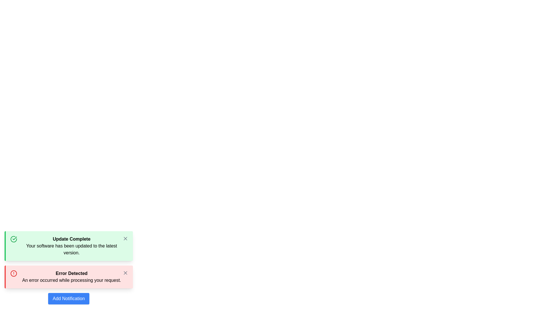 This screenshot has width=550, height=309. What do you see at coordinates (71, 239) in the screenshot?
I see `the bold text element that says 'Update Complete', which is displayed on a light green background in the upper section of a notification card` at bounding box center [71, 239].